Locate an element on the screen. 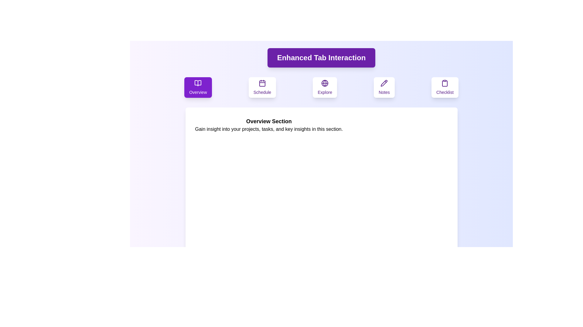 The width and height of the screenshot is (583, 327). the 'Overview' button, which is the first button in a horizontal menu of navigation options is located at coordinates (198, 88).